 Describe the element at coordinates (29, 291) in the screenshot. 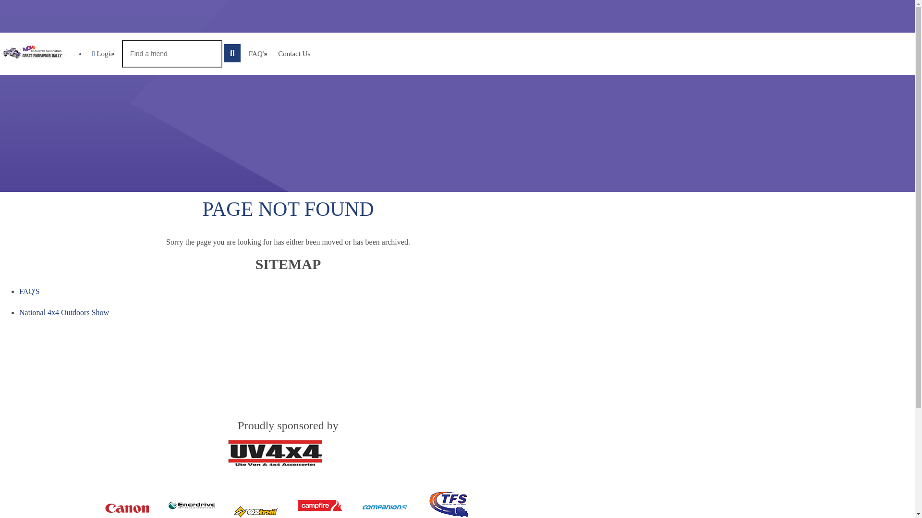

I see `'FAQ'S'` at that location.